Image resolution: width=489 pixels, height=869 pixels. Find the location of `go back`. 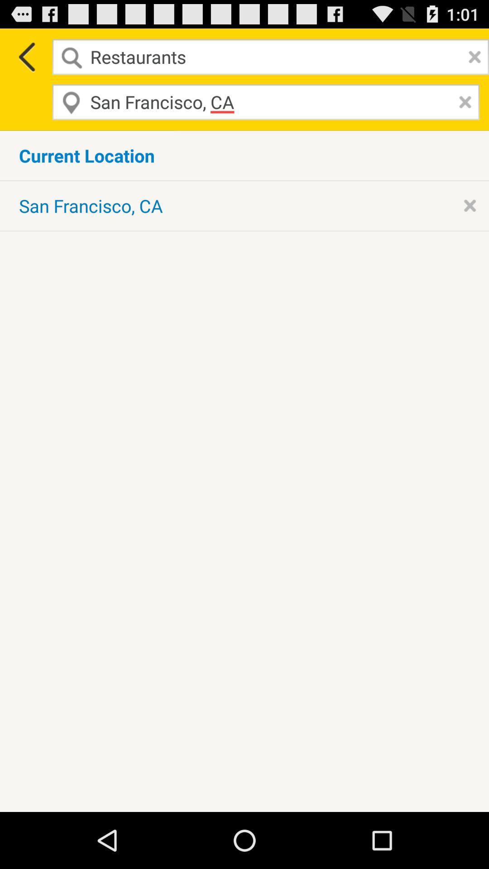

go back is located at coordinates (25, 56).